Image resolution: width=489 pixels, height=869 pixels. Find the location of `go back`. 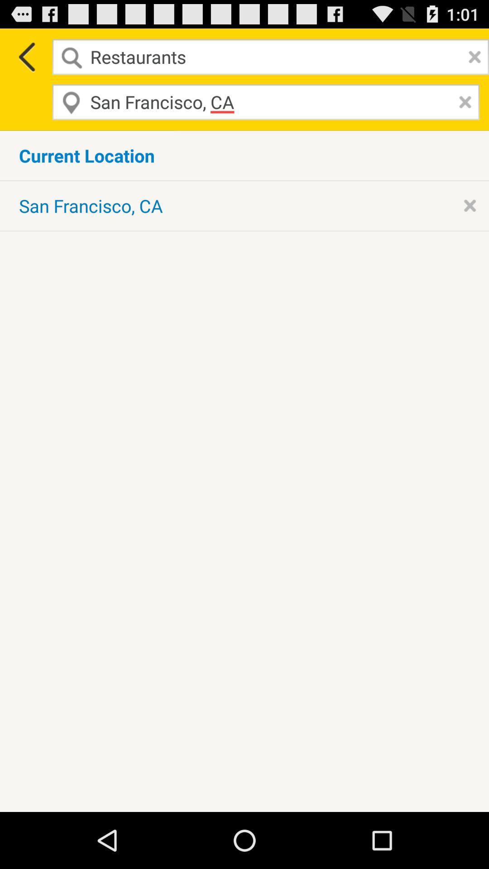

go back is located at coordinates (25, 56).